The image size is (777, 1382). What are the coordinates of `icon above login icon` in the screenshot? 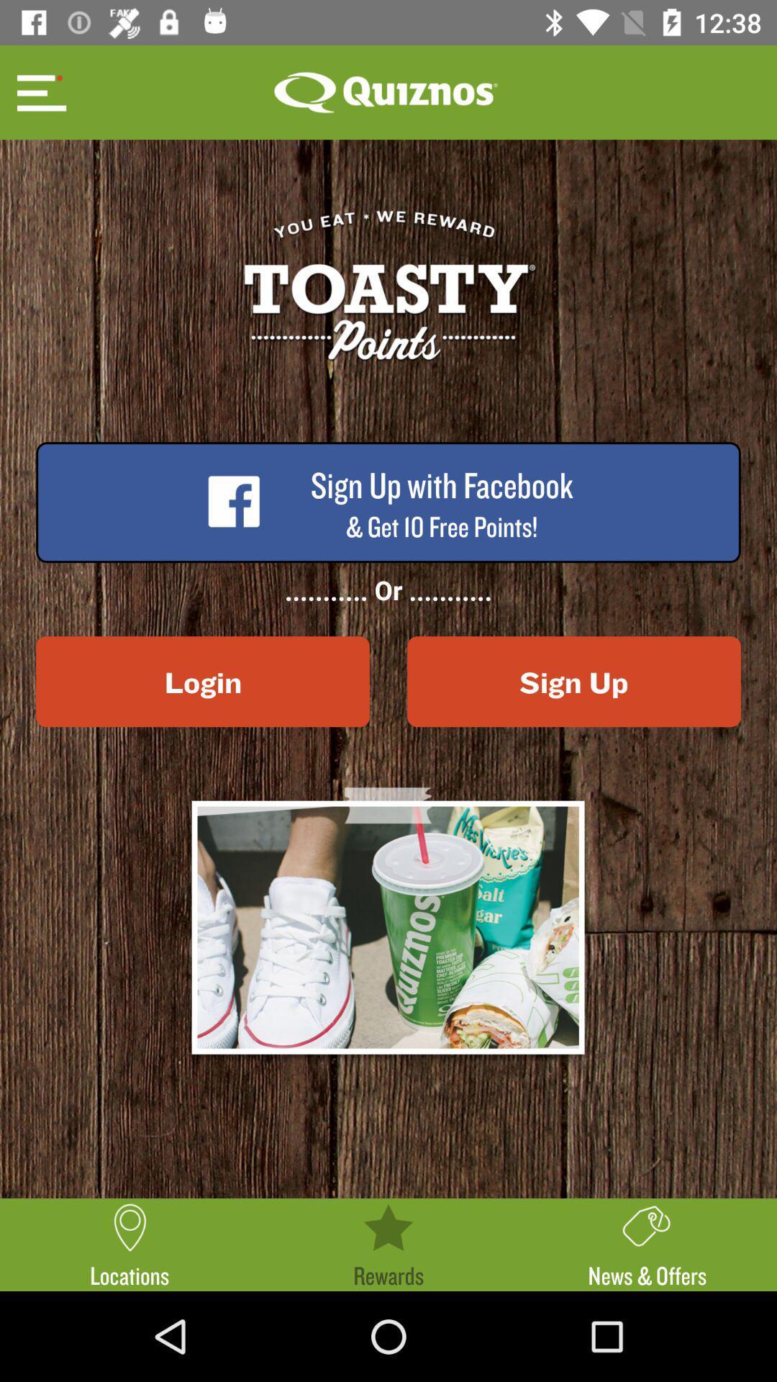 It's located at (39, 91).